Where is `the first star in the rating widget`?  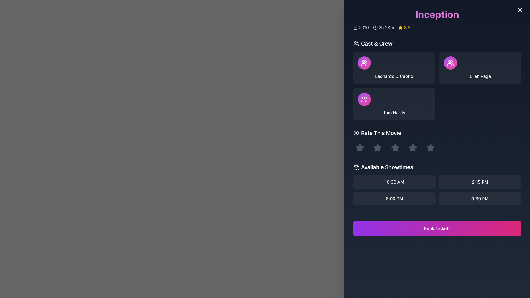 the first star in the rating widget is located at coordinates (360, 148).